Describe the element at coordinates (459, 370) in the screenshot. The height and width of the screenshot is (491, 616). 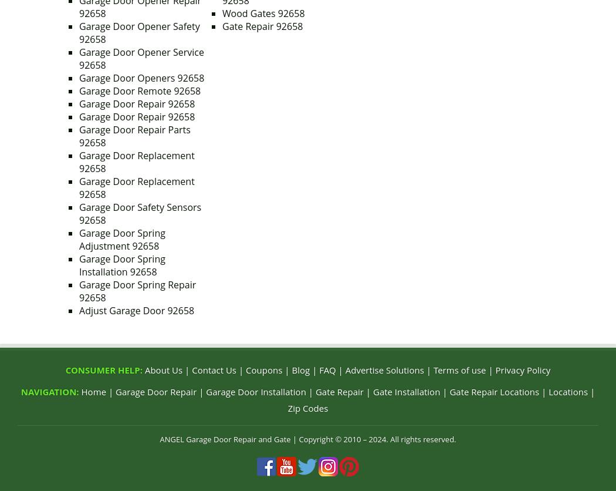
I see `'Terms of use'` at that location.